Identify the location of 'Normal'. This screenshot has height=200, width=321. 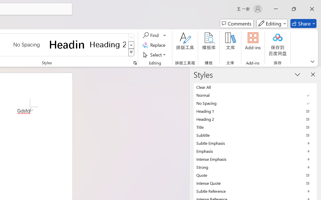
(255, 95).